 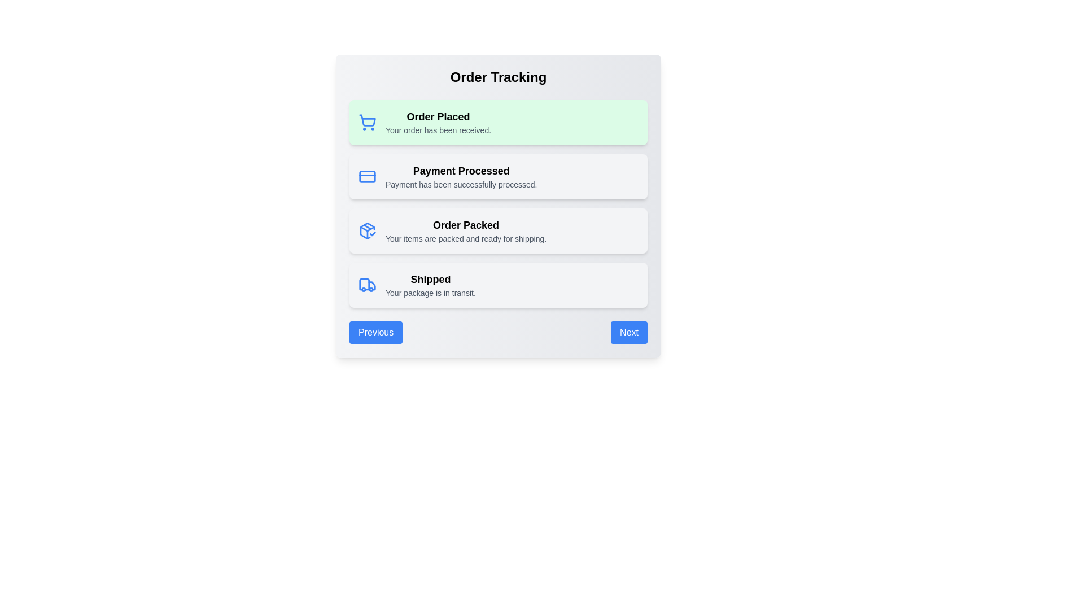 I want to click on status text from the second card in the vertical list of status cards in the 'Order Tracking' section, which indicates that the payment has been successfully processed, so click(x=498, y=176).